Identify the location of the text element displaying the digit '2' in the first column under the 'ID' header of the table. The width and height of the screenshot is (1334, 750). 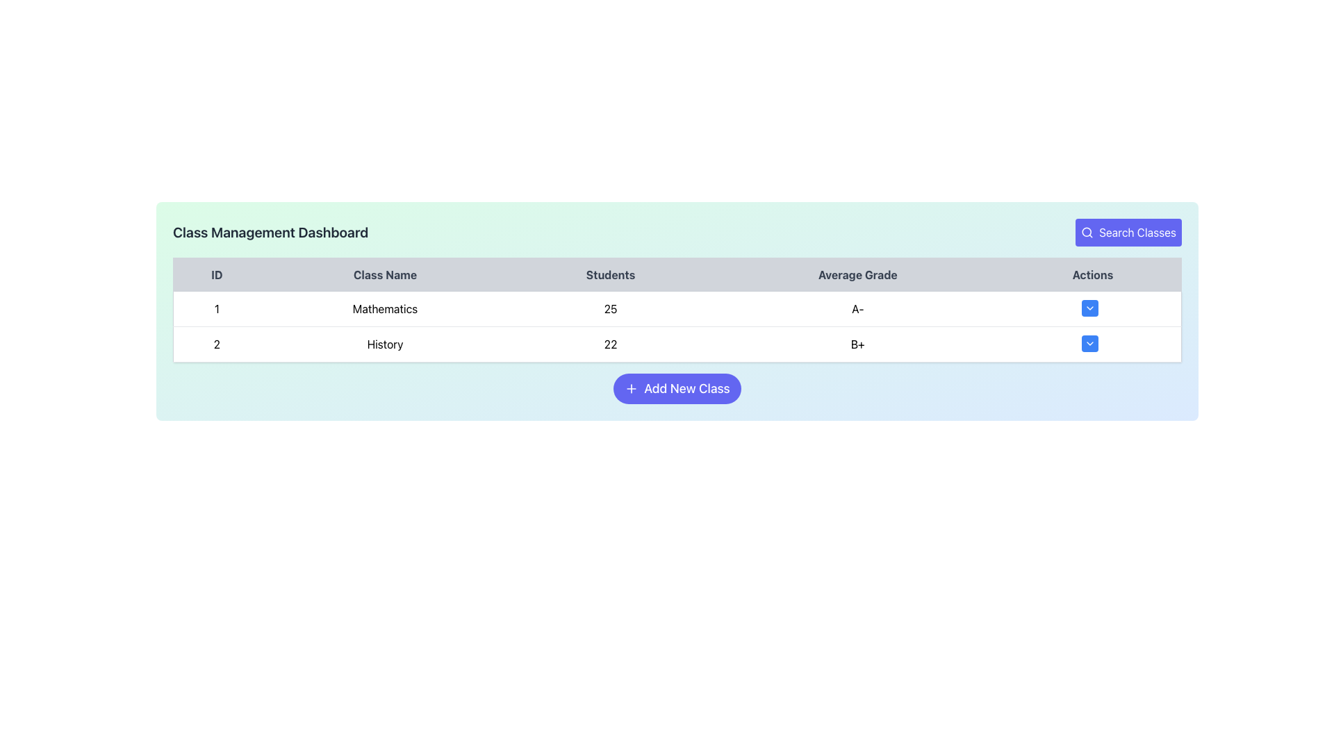
(216, 344).